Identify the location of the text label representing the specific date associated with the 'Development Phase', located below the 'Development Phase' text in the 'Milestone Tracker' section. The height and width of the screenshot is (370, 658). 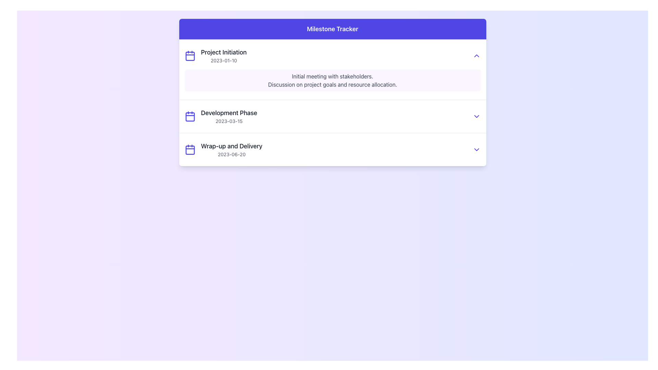
(229, 121).